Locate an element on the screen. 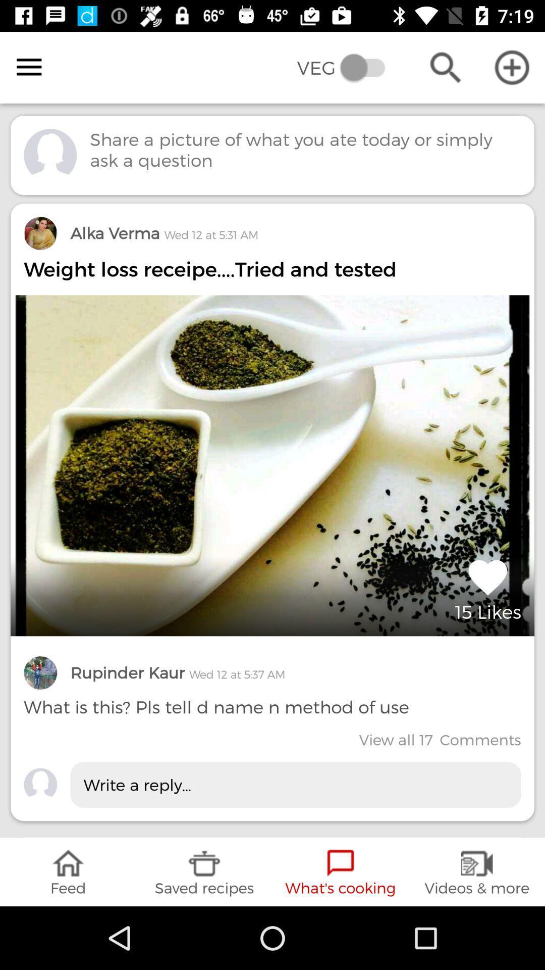  15 likes item is located at coordinates (487, 589).